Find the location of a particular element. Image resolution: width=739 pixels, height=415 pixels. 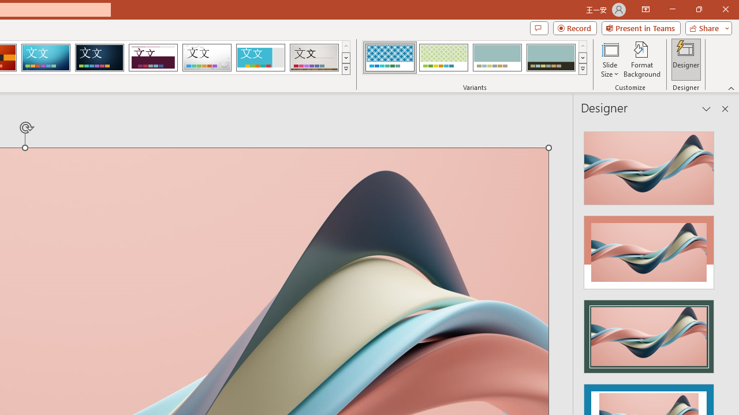

'Variants' is located at coordinates (583, 69).